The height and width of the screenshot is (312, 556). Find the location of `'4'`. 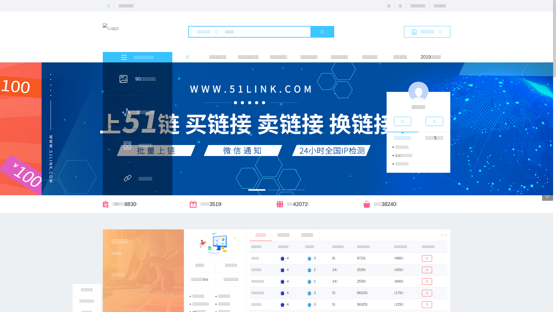

'4' is located at coordinates (285, 293).